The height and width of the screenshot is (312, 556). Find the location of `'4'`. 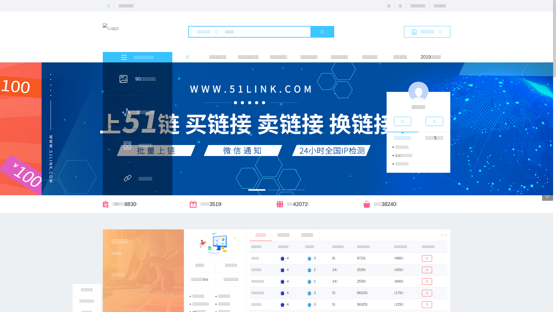

'4' is located at coordinates (285, 293).